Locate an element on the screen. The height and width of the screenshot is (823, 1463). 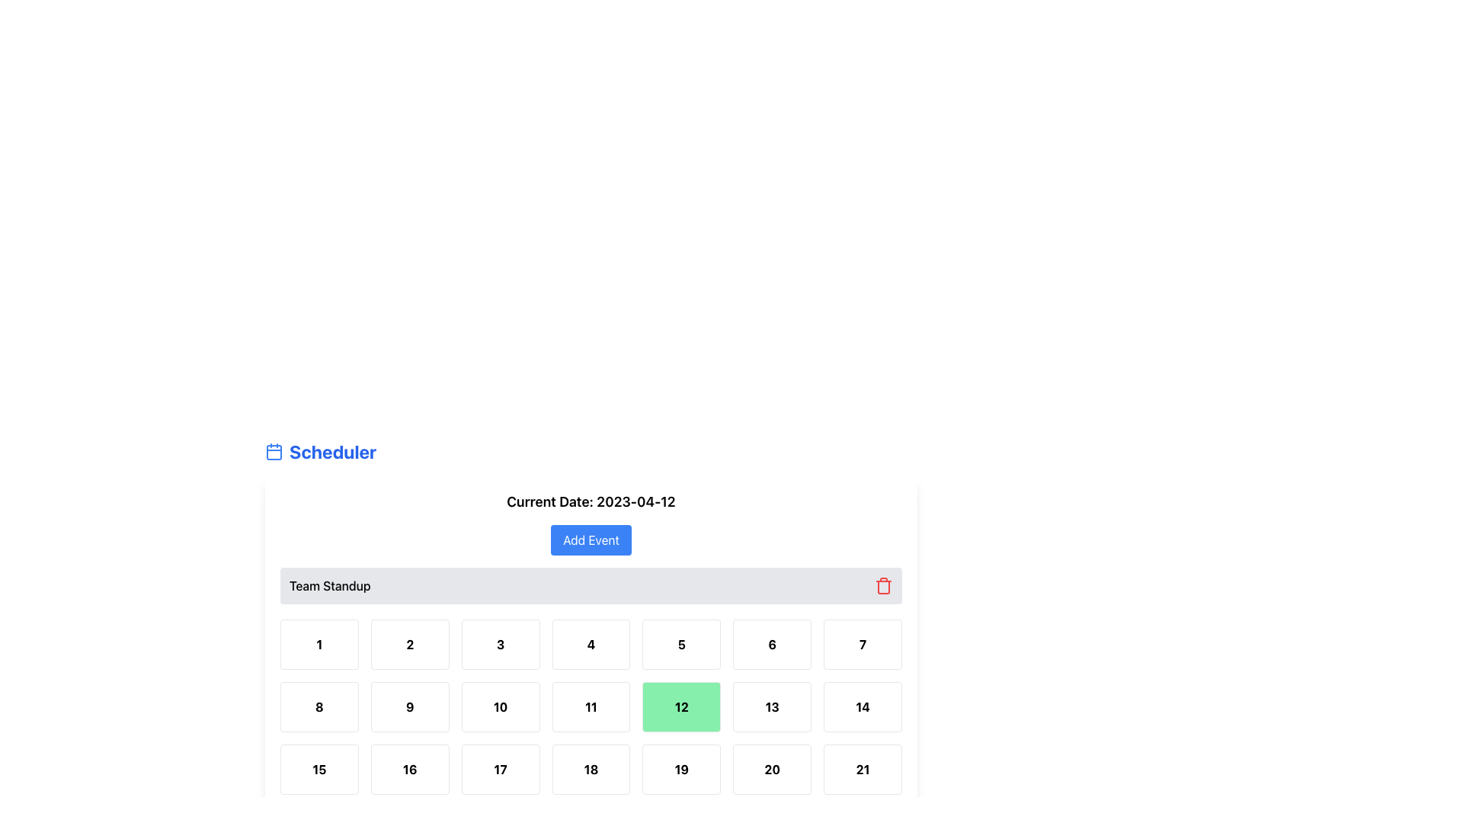
the button displaying the number '17' in bold black font, which is part of a calendar grid layout under the 'Team Standup' section is located at coordinates (501, 770).